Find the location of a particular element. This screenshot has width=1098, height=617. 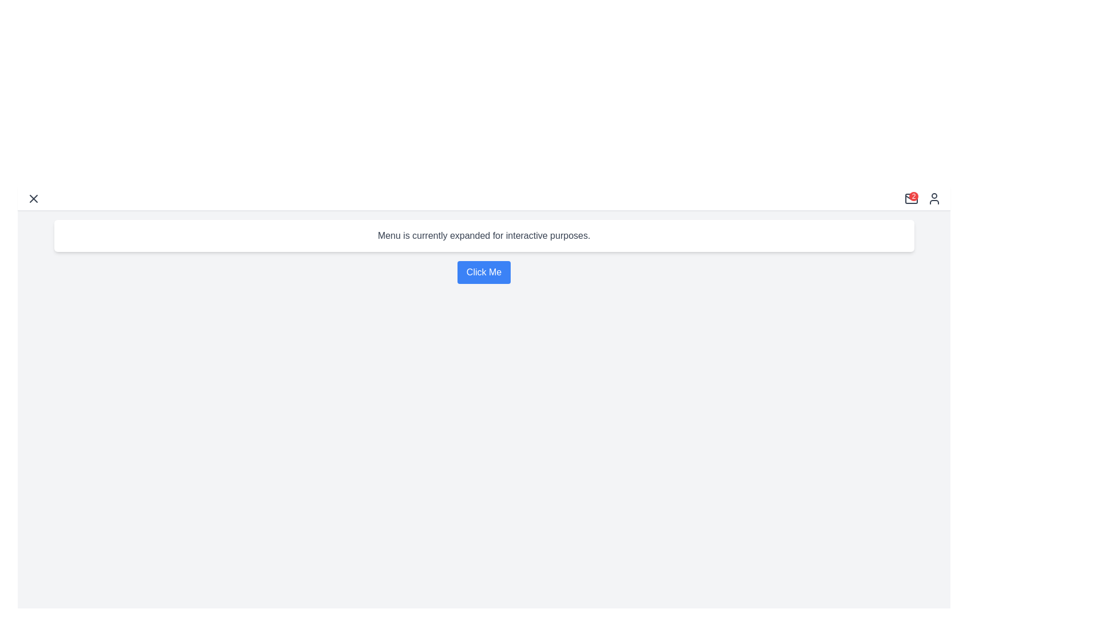

the rounded blue button labeled 'Click Me' is located at coordinates (484, 273).